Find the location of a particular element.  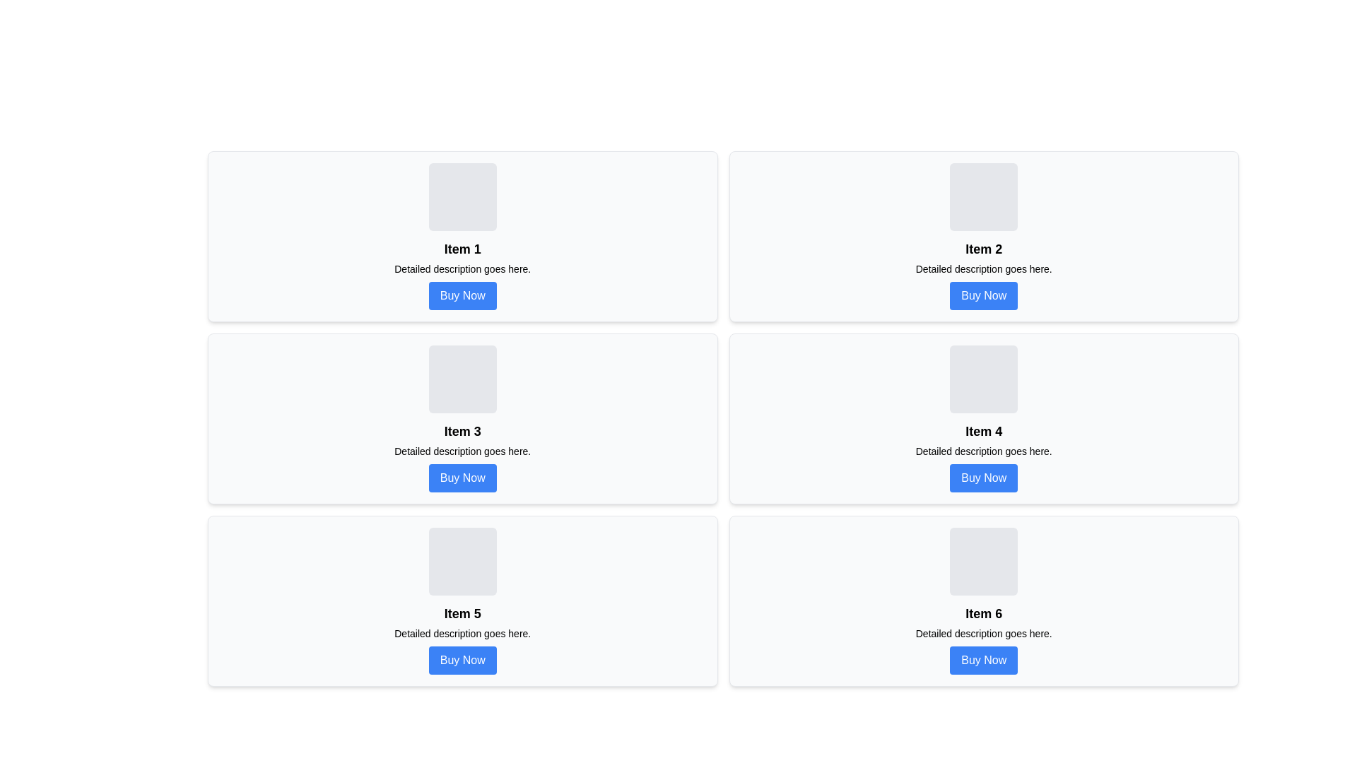

the static text element that says 'Detailed description goes here.' located beneath the title 'Item 4' and above the 'Buy Now' button in the card labeled 'Item 4' is located at coordinates (983, 451).